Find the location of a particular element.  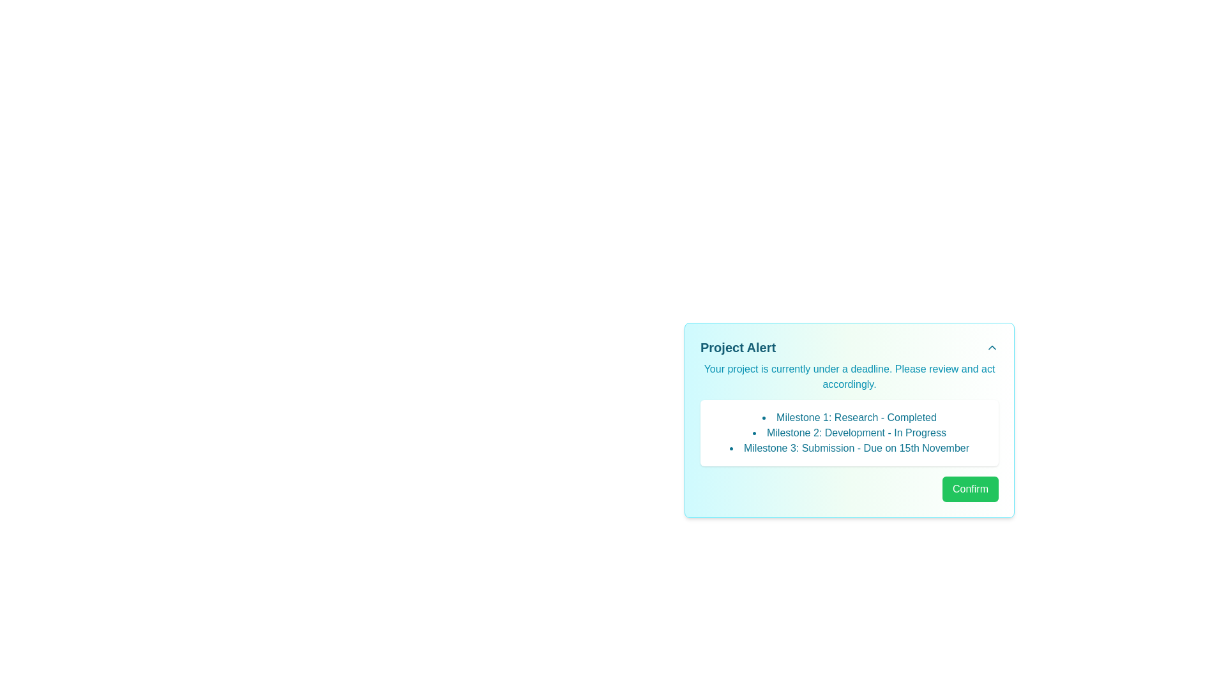

the chevron button to toggle the details section is located at coordinates (992, 347).